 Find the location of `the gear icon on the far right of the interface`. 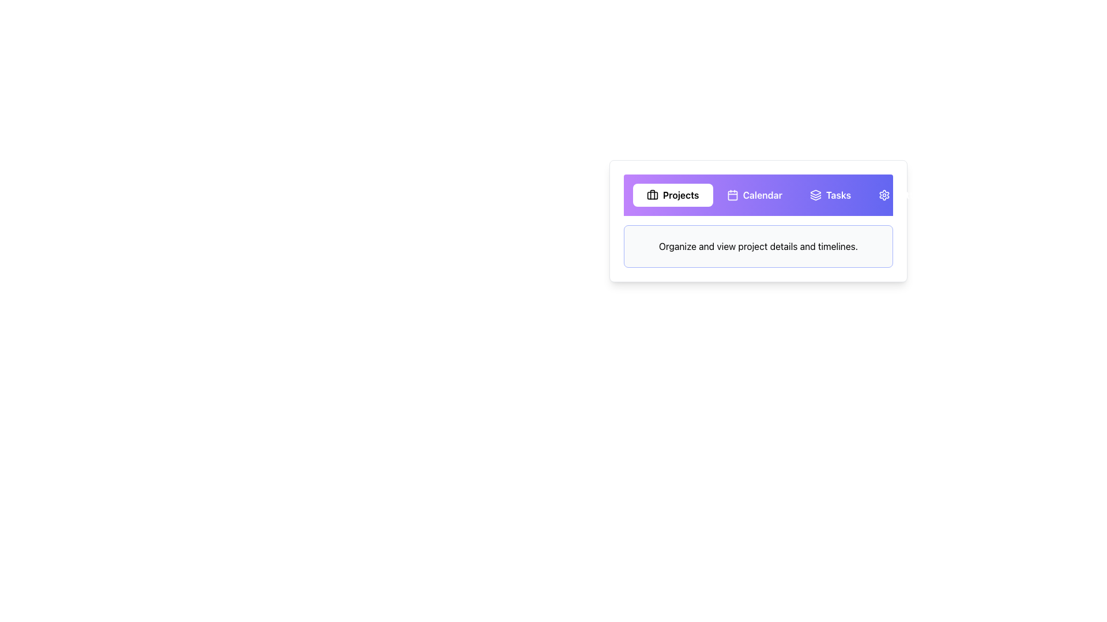

the gear icon on the far right of the interface is located at coordinates (884, 195).